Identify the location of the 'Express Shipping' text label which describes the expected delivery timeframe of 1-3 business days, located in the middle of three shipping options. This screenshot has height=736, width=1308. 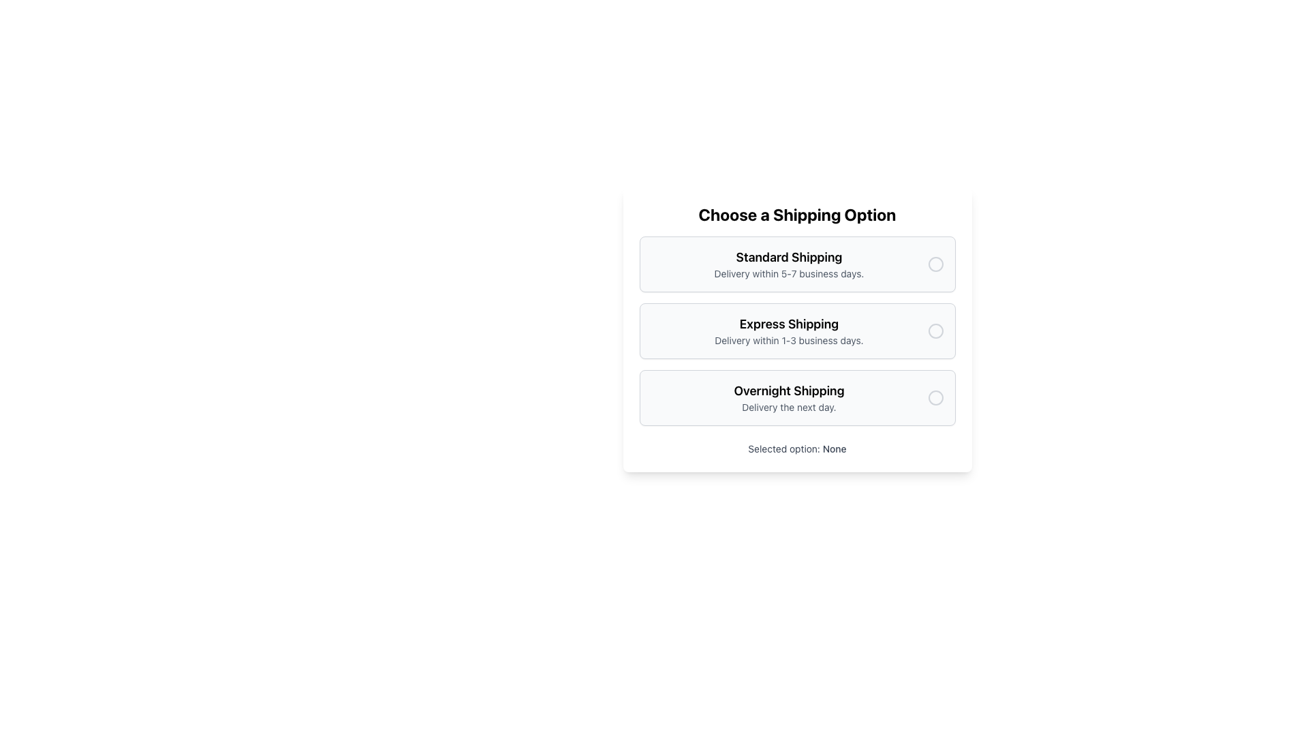
(789, 331).